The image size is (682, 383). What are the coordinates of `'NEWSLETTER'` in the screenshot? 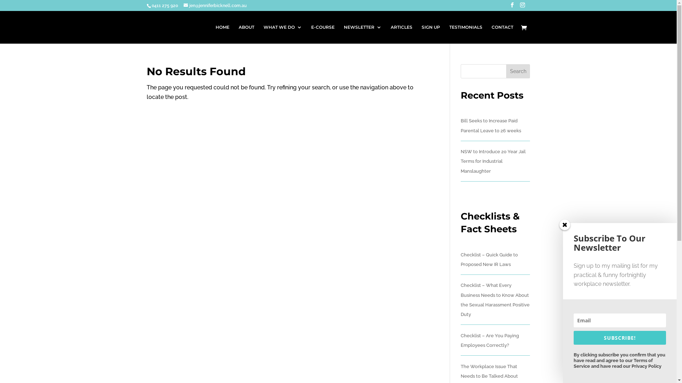 It's located at (363, 34).